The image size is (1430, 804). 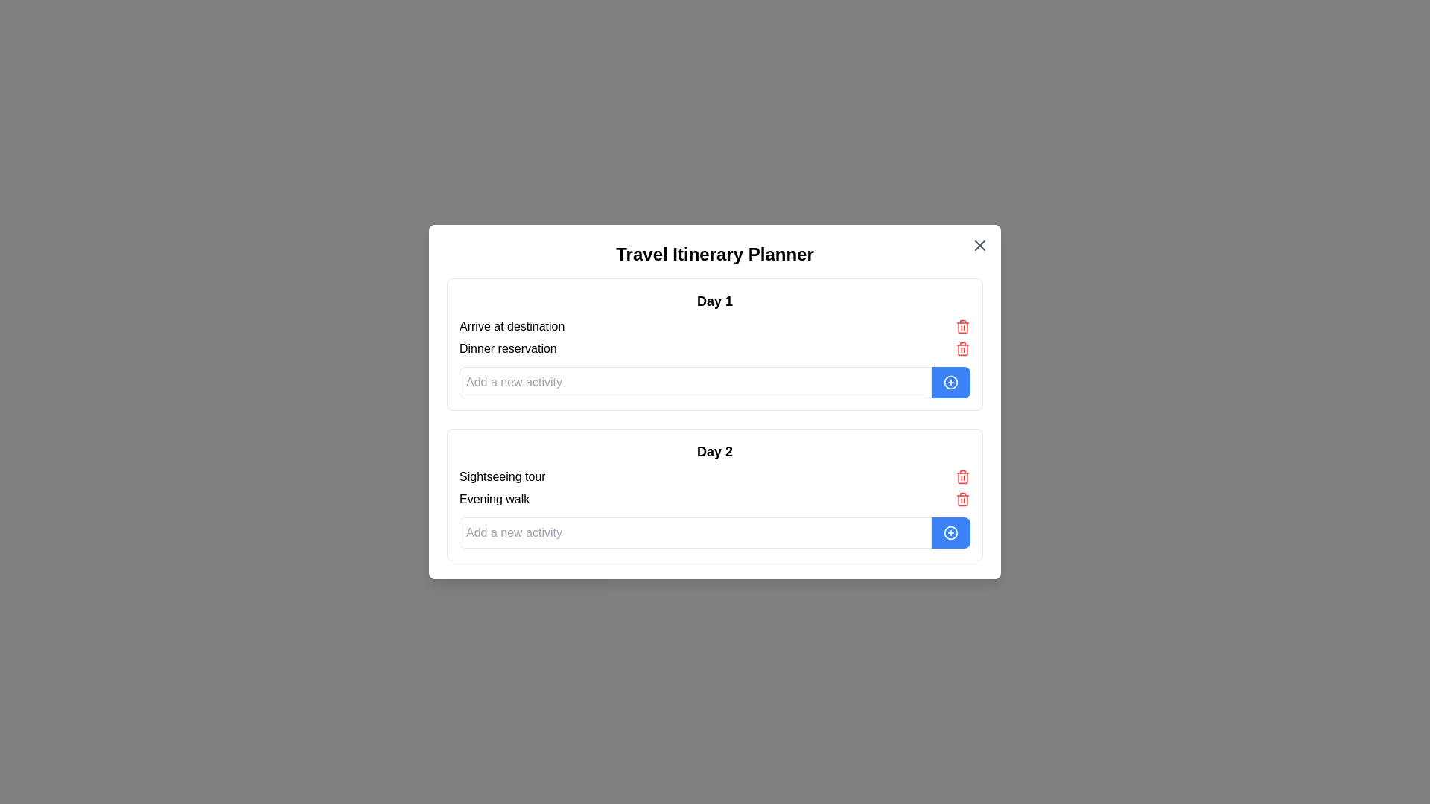 What do you see at coordinates (950, 532) in the screenshot?
I see `the decorative SVG circle located centrally within the blue button for adding a new activity in the 'Day 2' section of the 'Travel Itinerary Planner' interface` at bounding box center [950, 532].